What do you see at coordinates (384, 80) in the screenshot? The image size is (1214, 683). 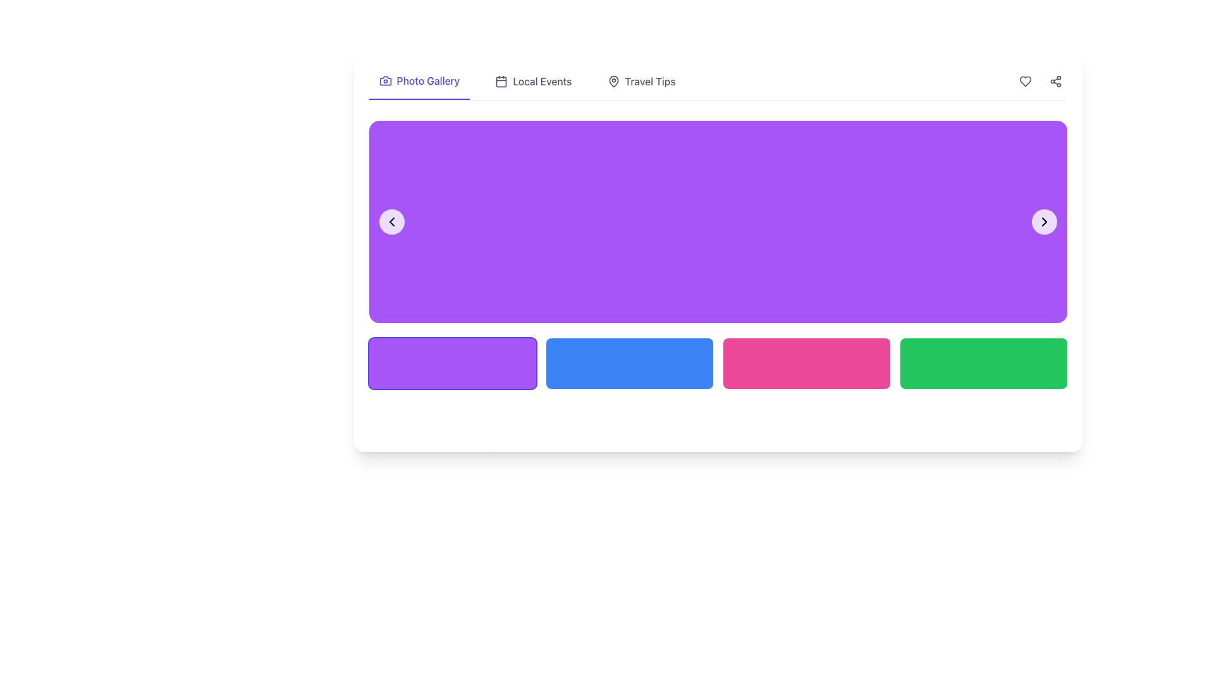 I see `the 'Photo Gallery' tab icon located in the navigation bar, which visually represents the corresponding section` at bounding box center [384, 80].